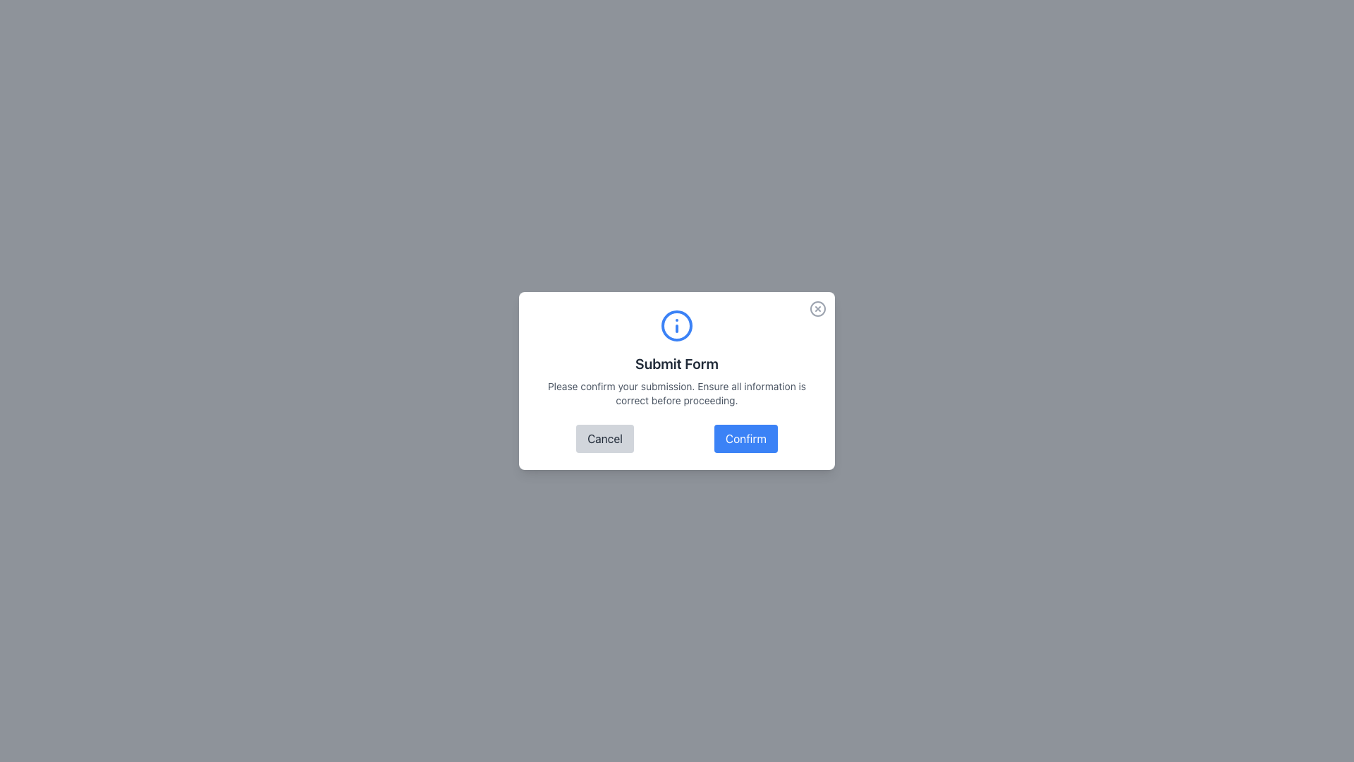 This screenshot has height=762, width=1354. I want to click on the Informational Text Block located within the modal dialog box, positioned beneath the close button and above the Cancel and Confirm buttons, so click(677, 358).